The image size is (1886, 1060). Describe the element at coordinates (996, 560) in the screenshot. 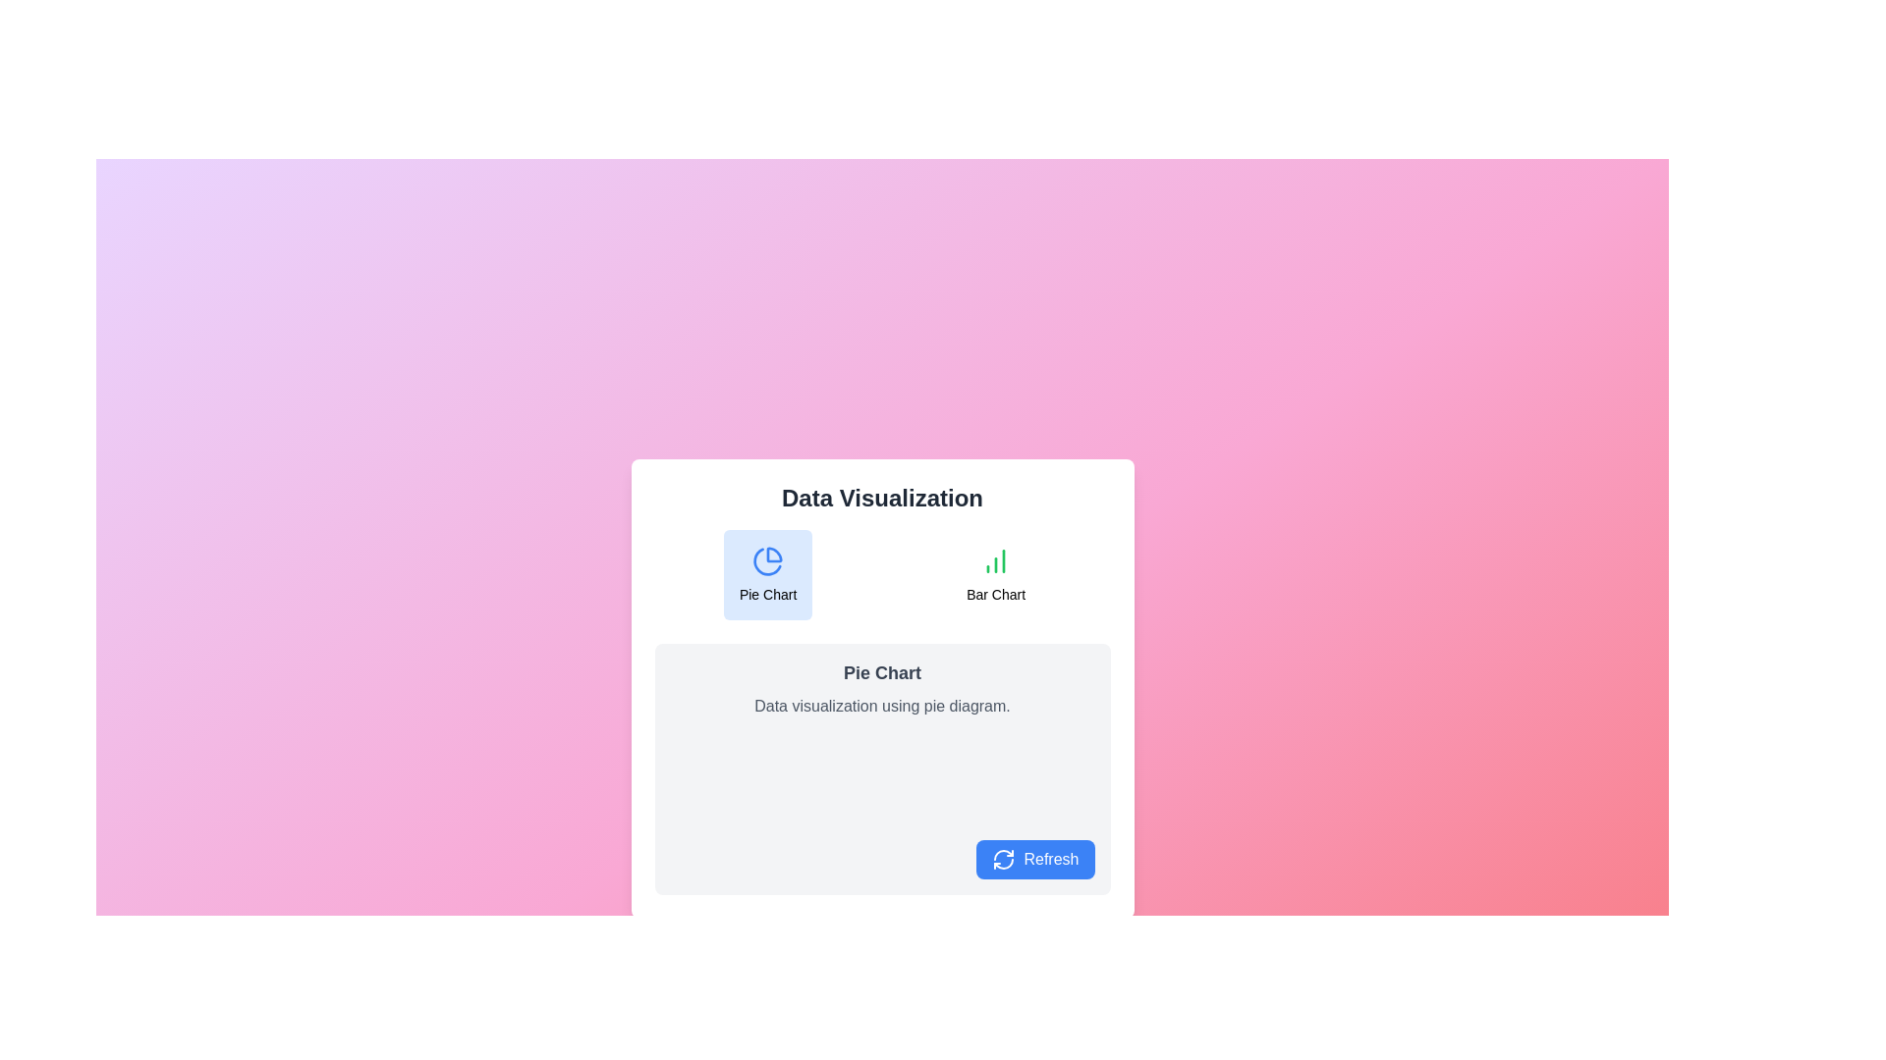

I see `the green bar chart icon depicting three vertical bars, located in the 'Data Visualization' section above the 'Bar Chart' label` at that location.